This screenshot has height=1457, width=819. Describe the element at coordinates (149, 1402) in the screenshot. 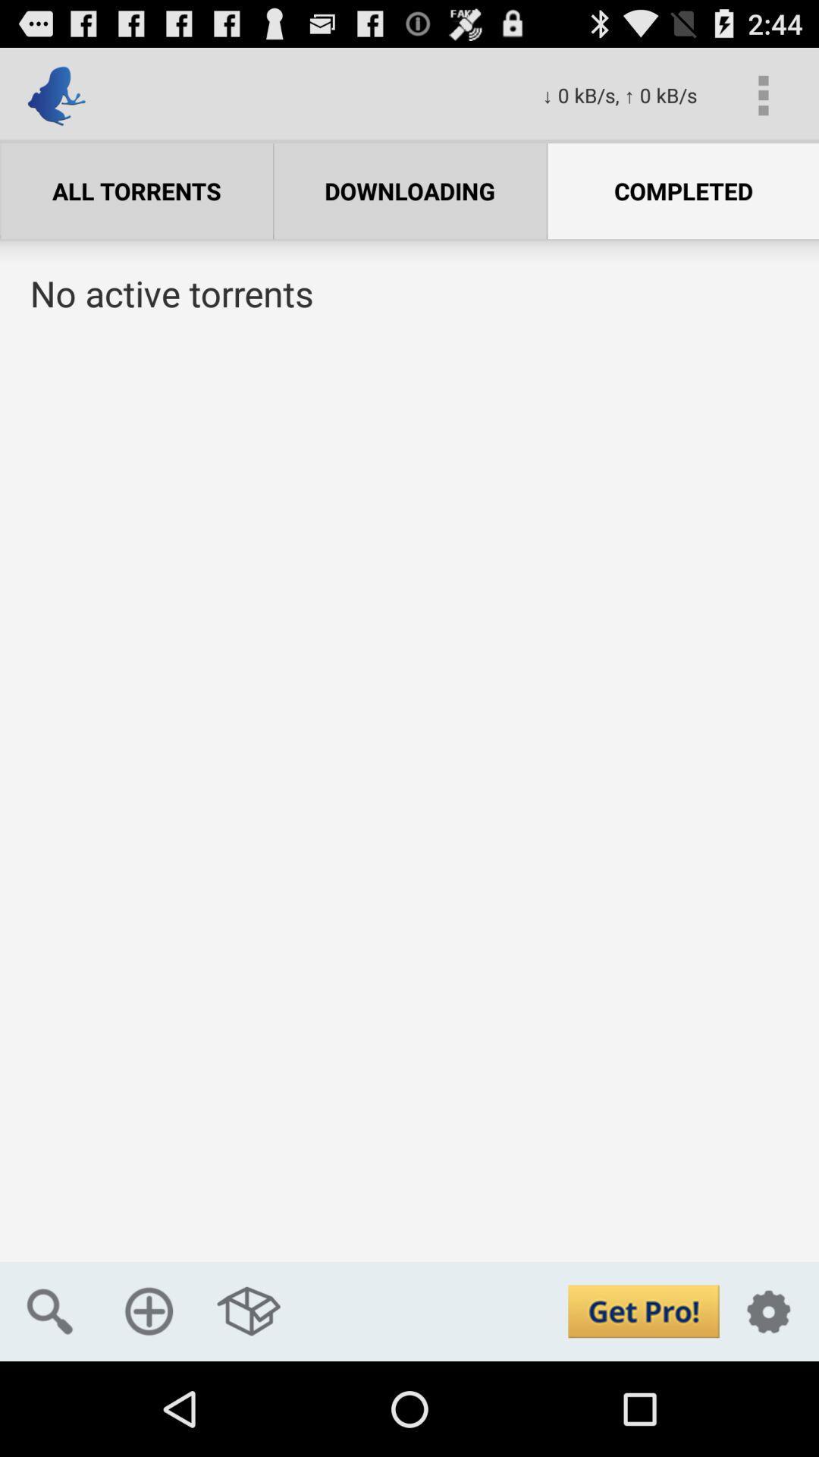

I see `the add icon` at that location.